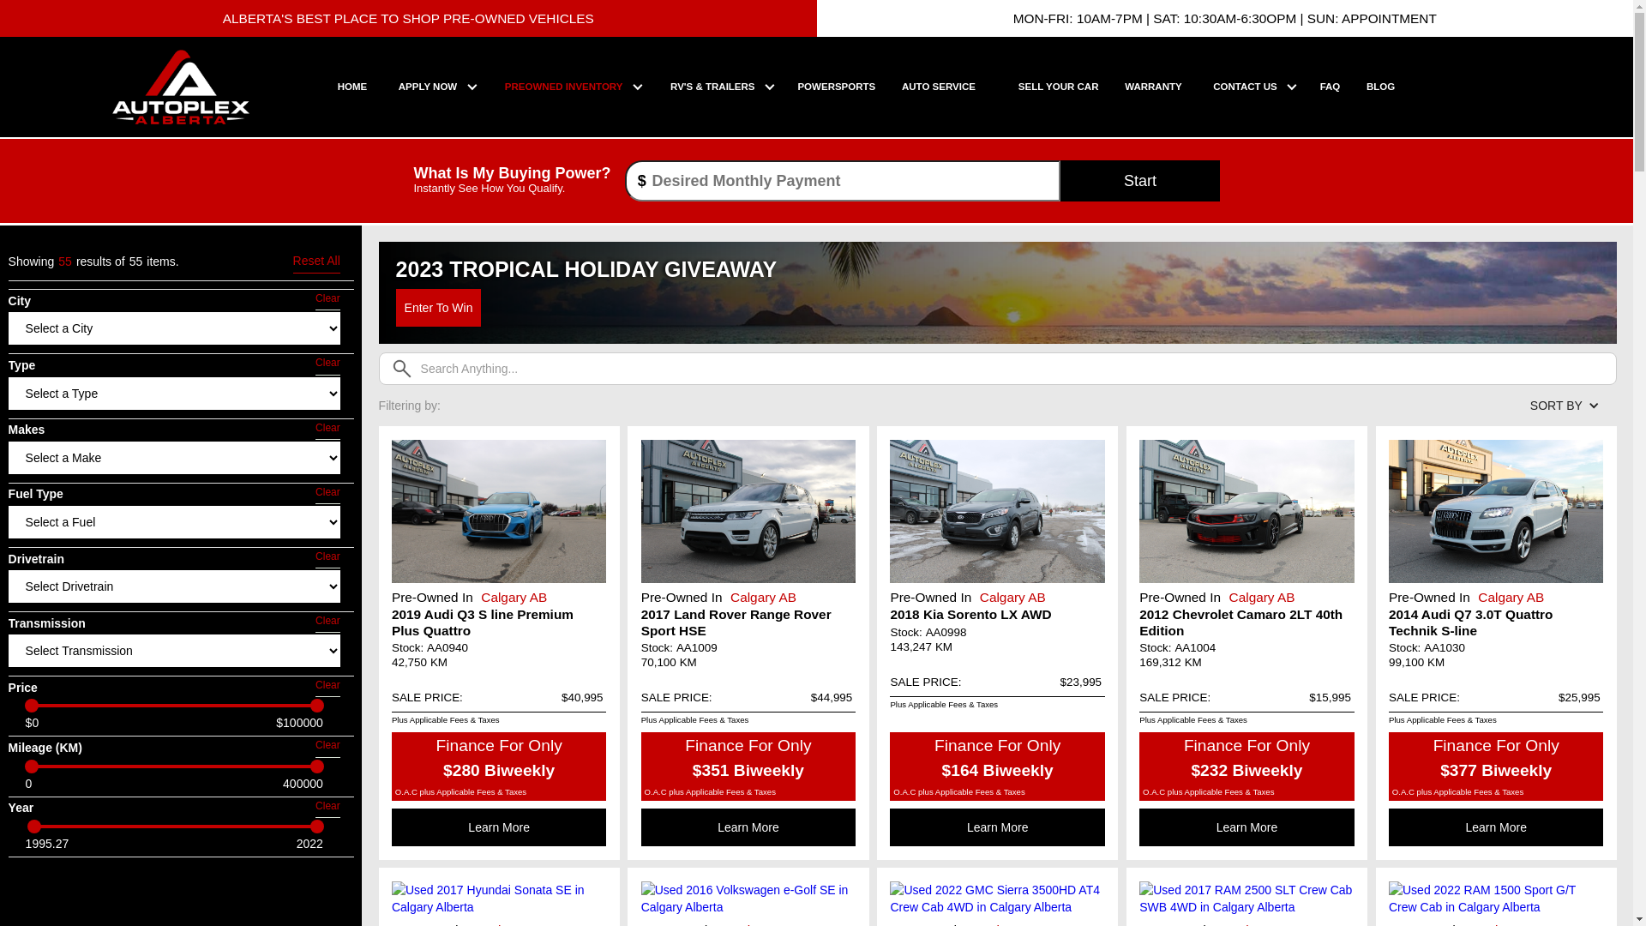 The width and height of the screenshot is (1646, 926). I want to click on 'Learn More', so click(497, 826).